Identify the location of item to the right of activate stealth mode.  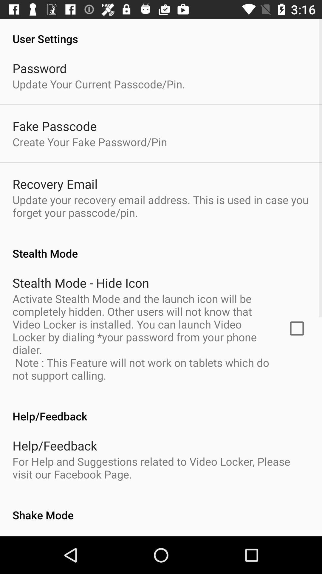
(297, 328).